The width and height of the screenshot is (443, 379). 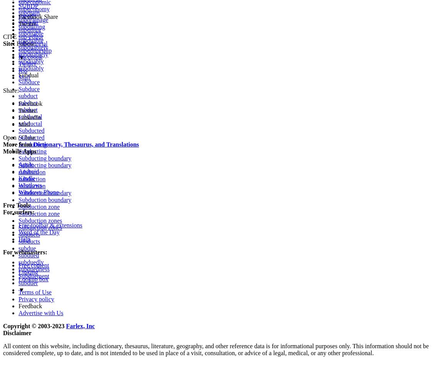 What do you see at coordinates (38, 192) in the screenshot?
I see `'Windows Phone'` at bounding box center [38, 192].